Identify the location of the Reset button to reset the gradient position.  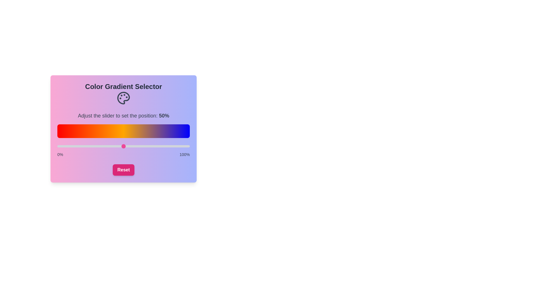
(123, 170).